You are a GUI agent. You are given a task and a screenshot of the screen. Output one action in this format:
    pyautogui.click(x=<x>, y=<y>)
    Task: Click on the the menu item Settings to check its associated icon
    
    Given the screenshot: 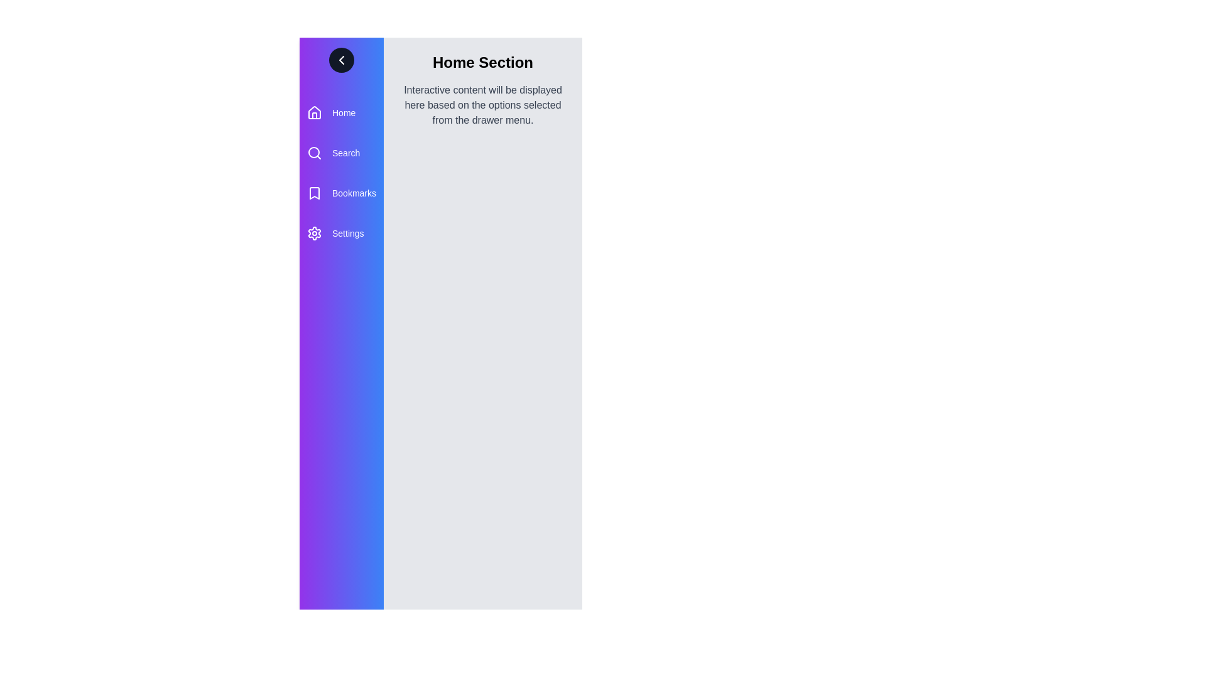 What is the action you would take?
    pyautogui.click(x=314, y=233)
    